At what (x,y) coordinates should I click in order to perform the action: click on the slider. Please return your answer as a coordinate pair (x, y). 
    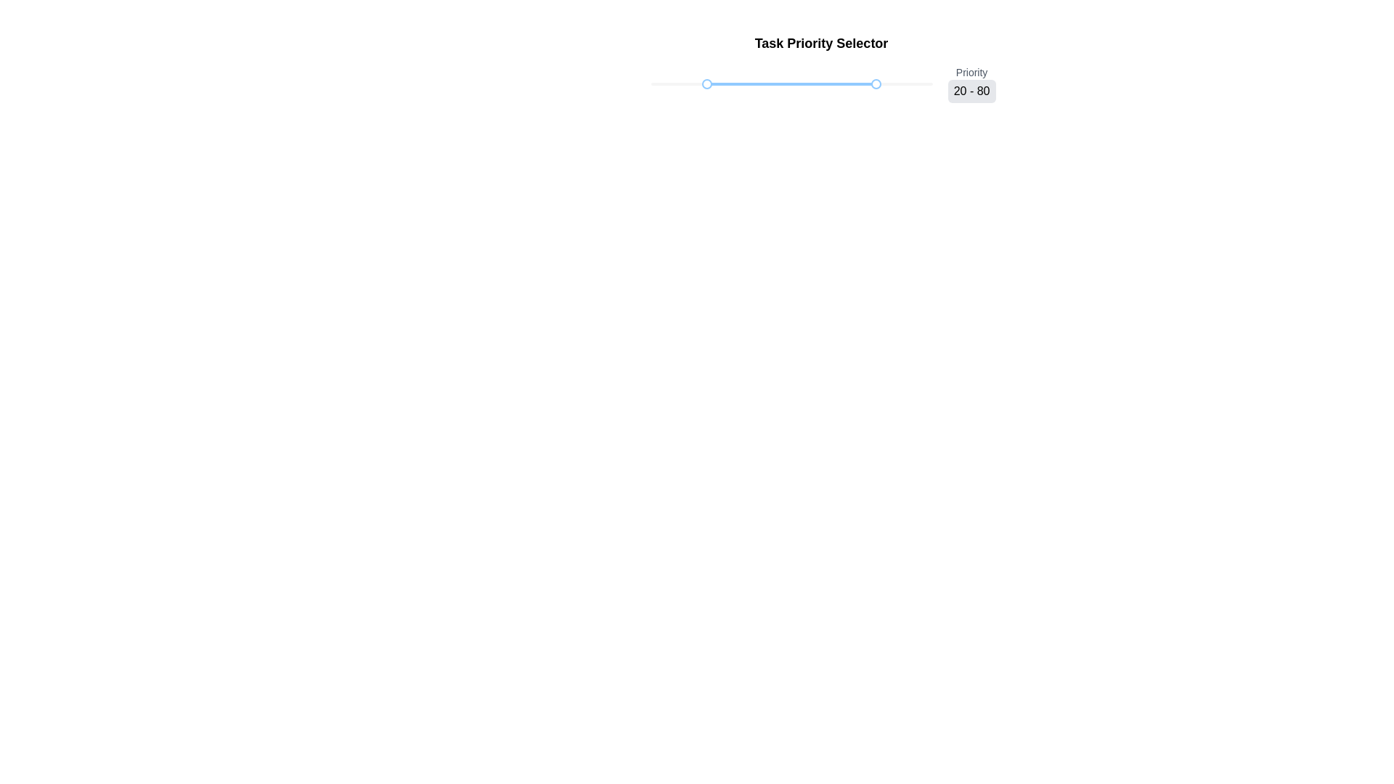
    Looking at the image, I should click on (722, 83).